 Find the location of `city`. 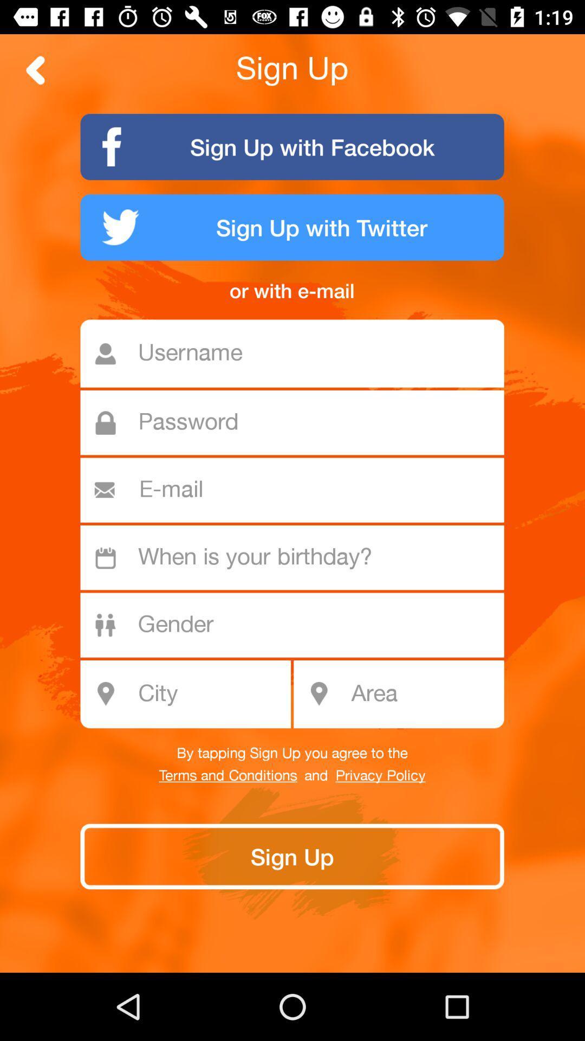

city is located at coordinates (191, 694).